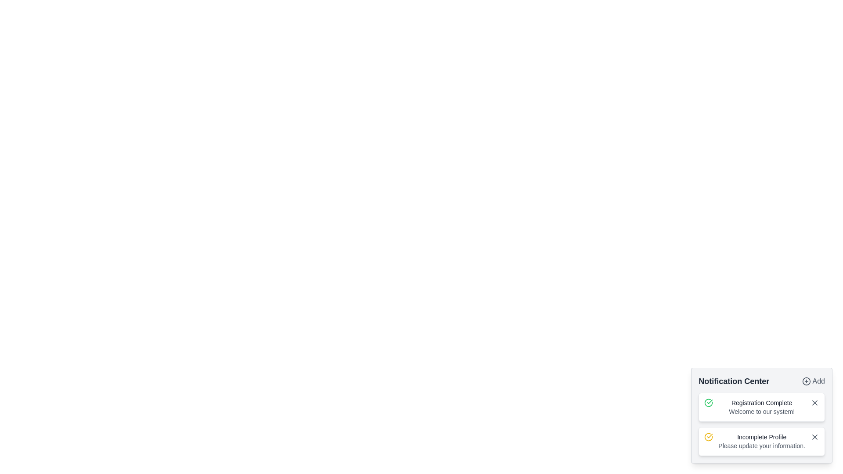 The image size is (843, 474). What do you see at coordinates (709, 403) in the screenshot?
I see `the icon that signifies a successful action related to 'Registration Complete', located in the notification box aligned to the left of the text 'Registration Complete - Welcome to our system!'` at bounding box center [709, 403].